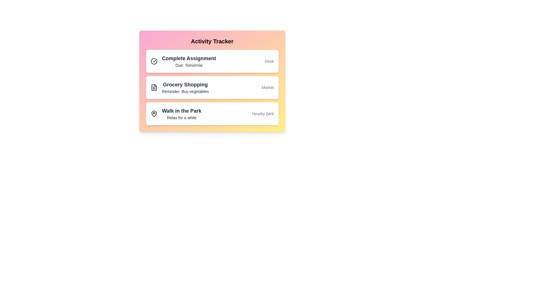  What do you see at coordinates (154, 88) in the screenshot?
I see `the icon next to the activity item Grocery Shopping` at bounding box center [154, 88].